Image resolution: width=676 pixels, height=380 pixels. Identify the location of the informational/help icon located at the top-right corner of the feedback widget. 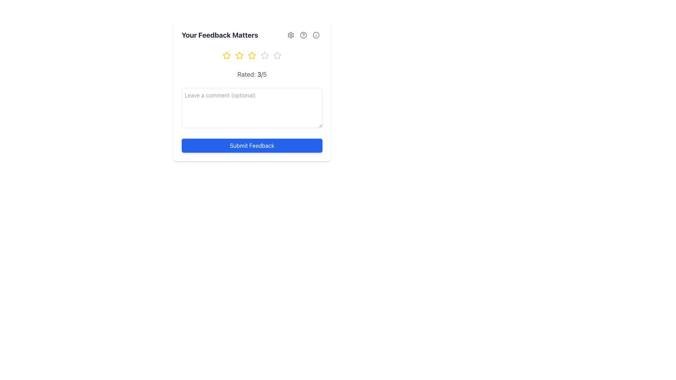
(315, 35).